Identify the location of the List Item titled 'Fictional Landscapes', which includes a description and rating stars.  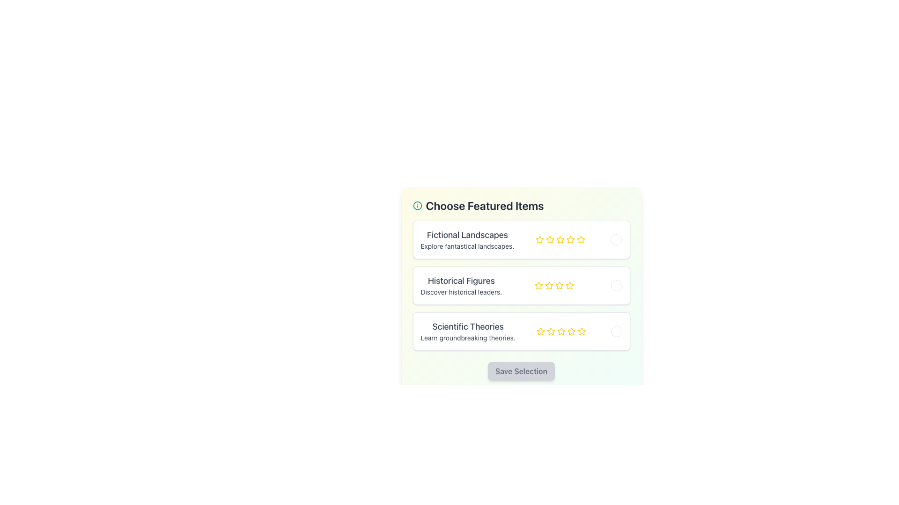
(521, 239).